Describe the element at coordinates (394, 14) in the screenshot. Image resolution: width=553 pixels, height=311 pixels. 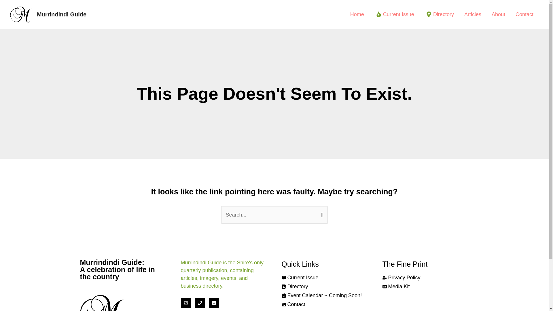
I see `'Current Issue'` at that location.